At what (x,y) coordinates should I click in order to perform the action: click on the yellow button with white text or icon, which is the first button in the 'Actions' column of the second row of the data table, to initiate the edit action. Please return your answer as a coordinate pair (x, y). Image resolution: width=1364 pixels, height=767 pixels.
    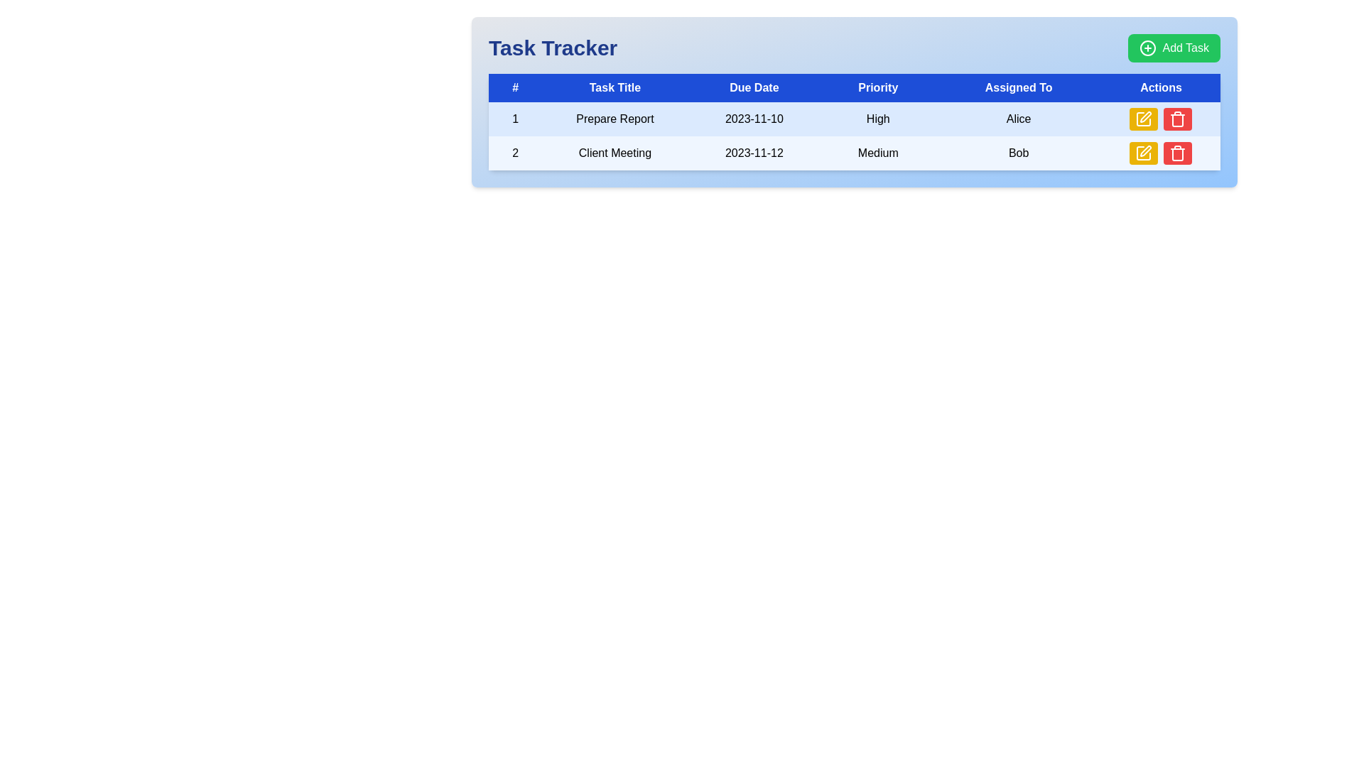
    Looking at the image, I should click on (1144, 119).